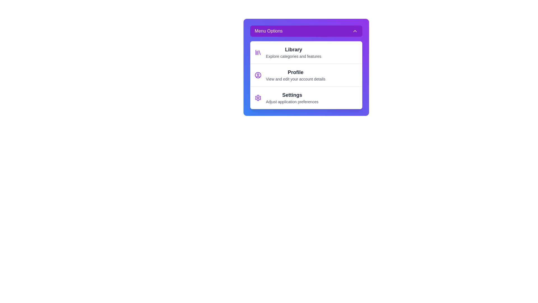 This screenshot has width=538, height=303. I want to click on the static text displaying 'Explore categories and features', which is located beneath the 'Library' heading in the menu panel, so click(293, 56).